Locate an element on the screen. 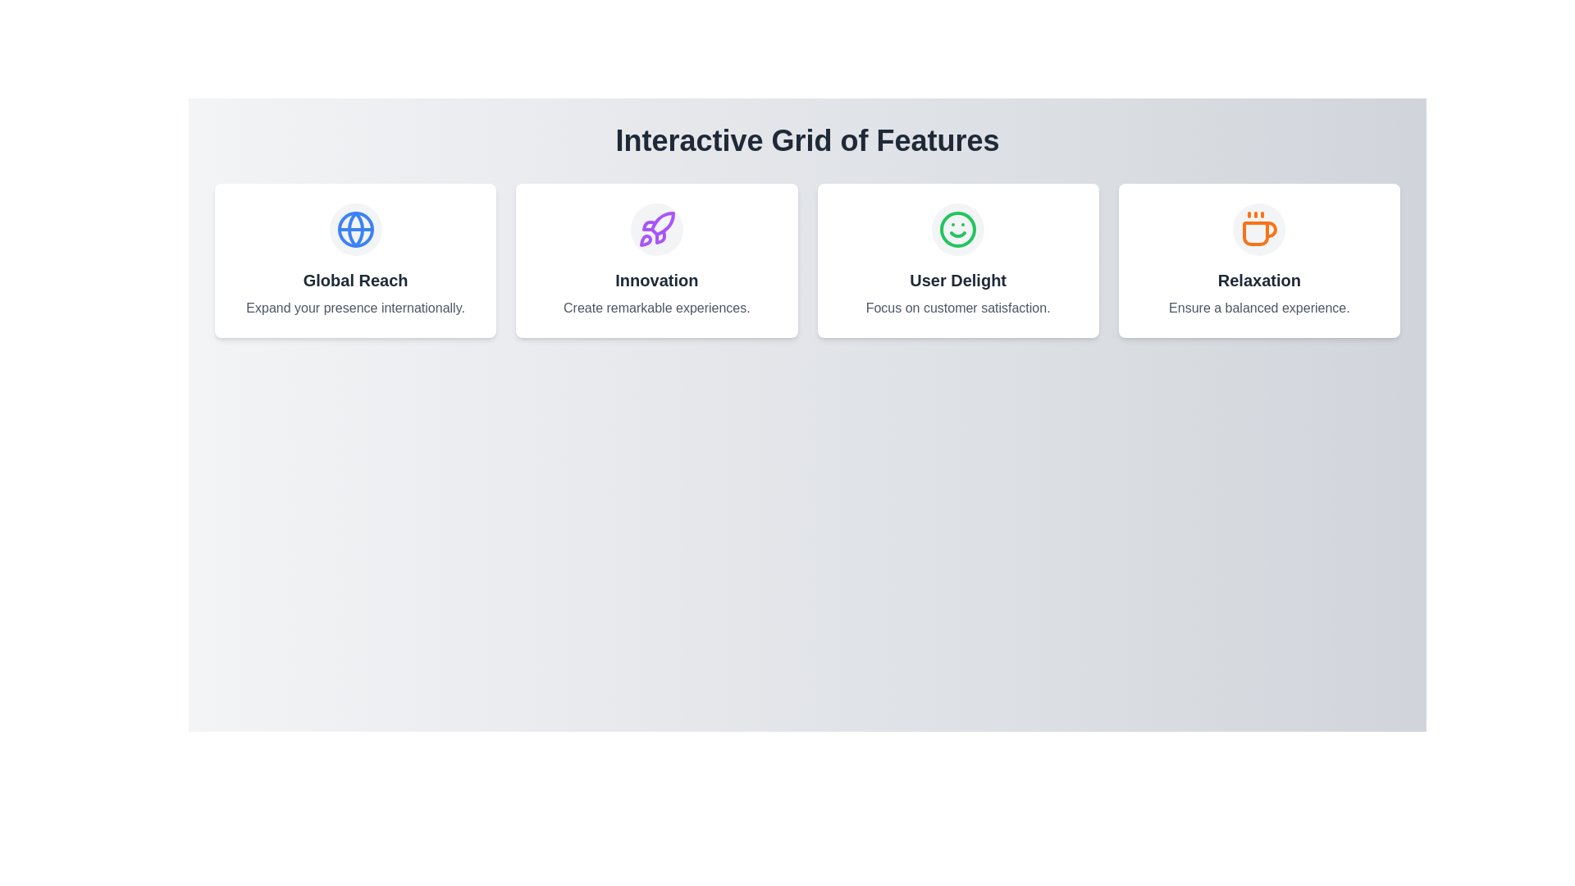  the decorative icon representing 'Global Reach' located at the top center of the first card in the grid of features is located at coordinates (354, 230).